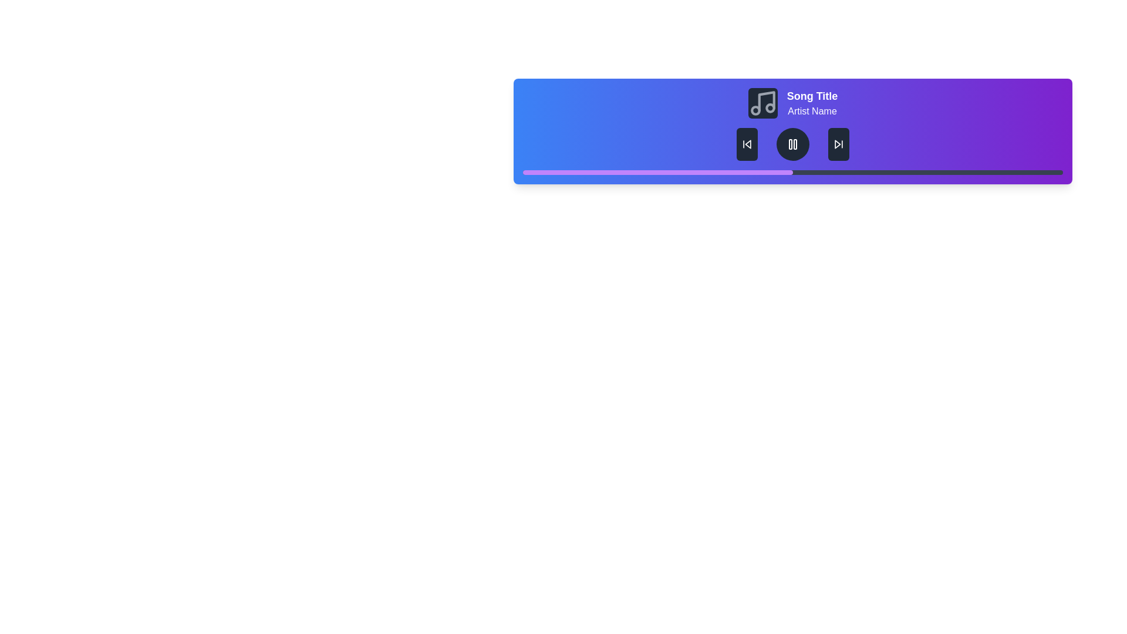 The image size is (1127, 634). What do you see at coordinates (830, 172) in the screenshot?
I see `progress` at bounding box center [830, 172].